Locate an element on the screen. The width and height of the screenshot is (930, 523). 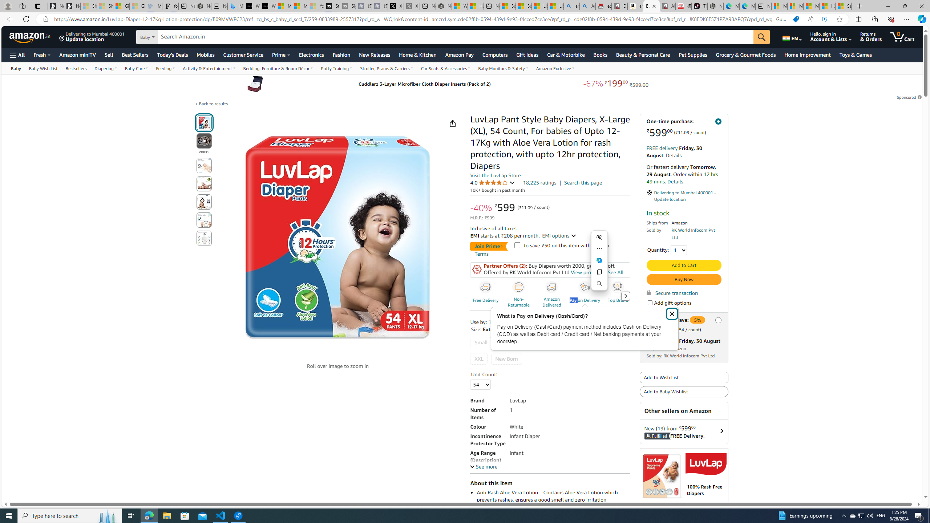
'Huge shark washes ashore at New York City beach | Watch' is located at coordinates (475, 6).